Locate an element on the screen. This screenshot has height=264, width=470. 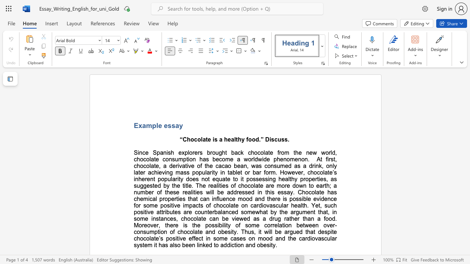
the subset text "say" within the text "Example essay" is located at coordinates (171, 125).